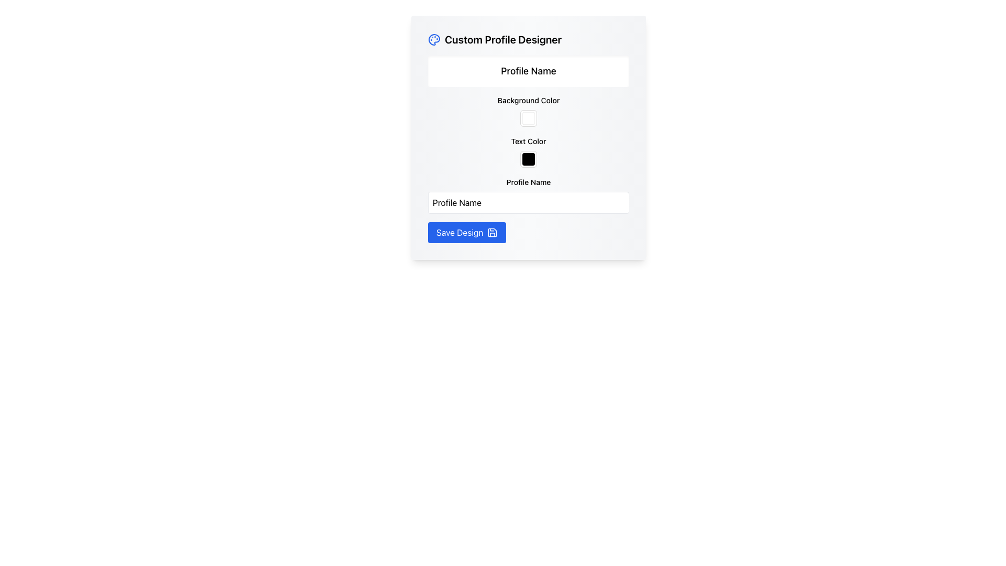  Describe the element at coordinates (466, 232) in the screenshot. I see `the rectangular blue button labeled 'Save Design' with a floppy disk icon` at that location.